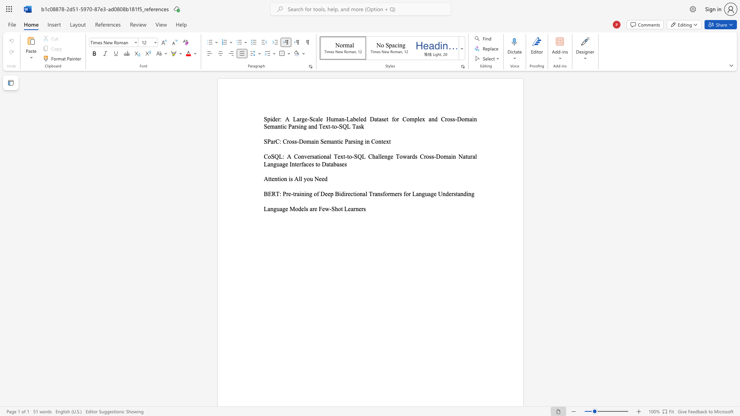 The image size is (740, 416). I want to click on the subset text "rs" within the text "Language Models are Few-Shot Learners", so click(361, 209).